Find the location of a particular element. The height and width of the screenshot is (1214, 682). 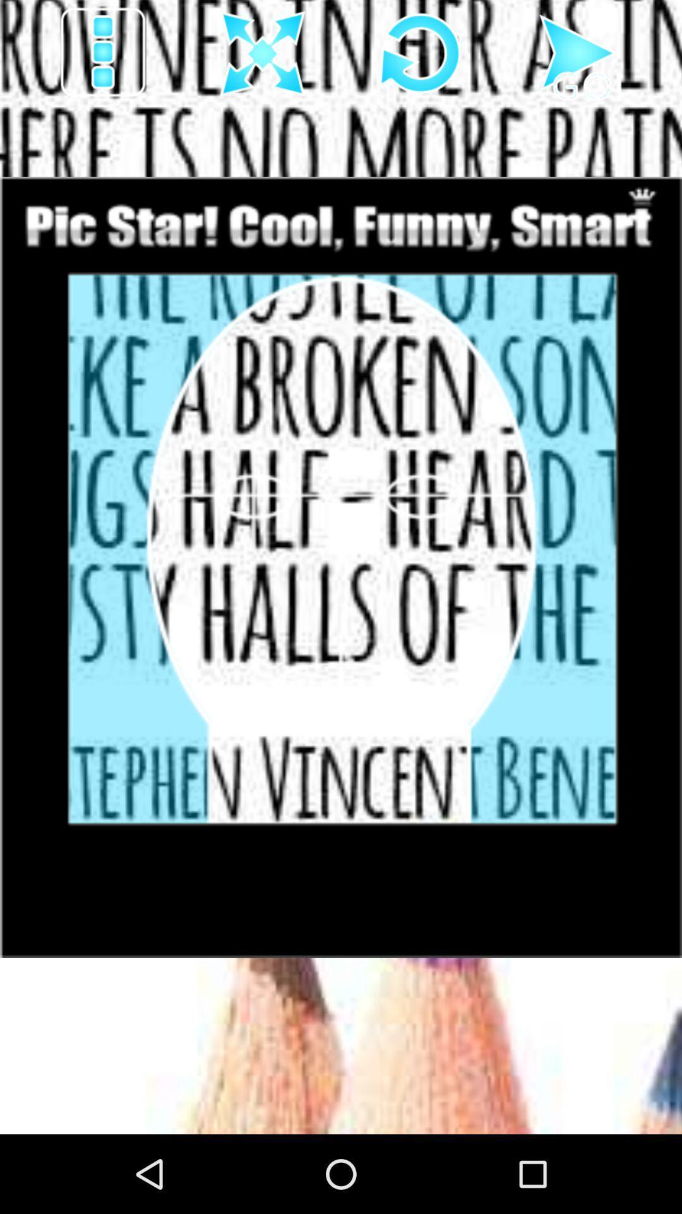

full screen is located at coordinates (262, 53).